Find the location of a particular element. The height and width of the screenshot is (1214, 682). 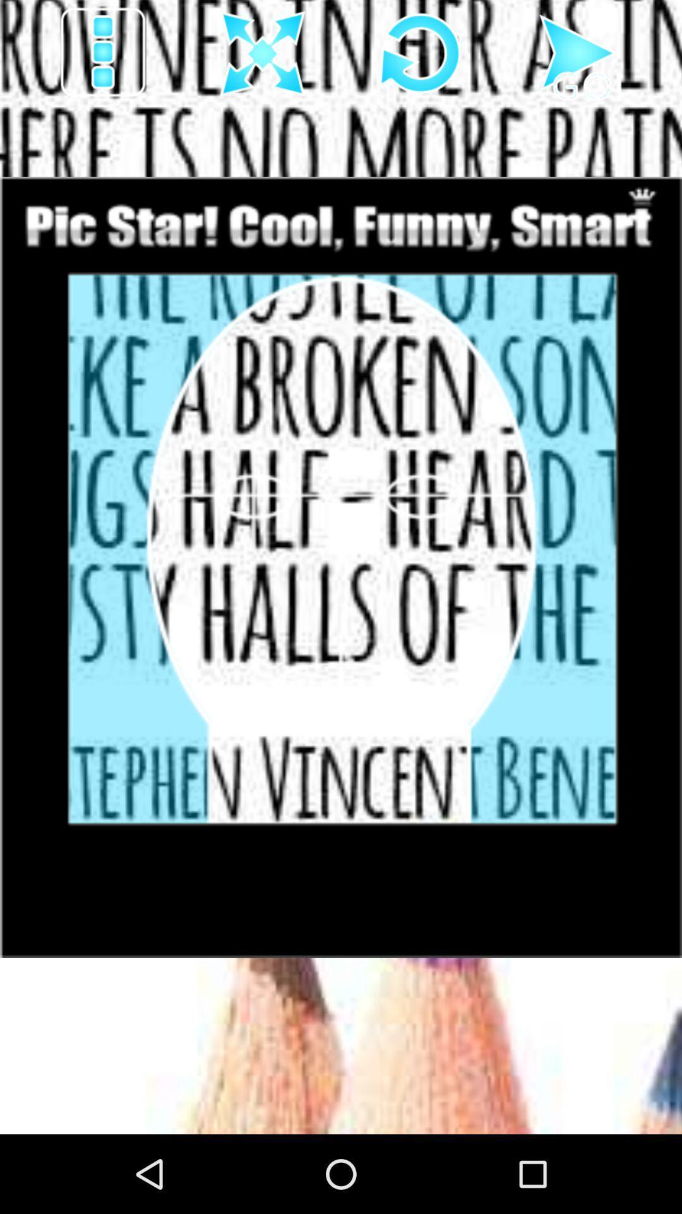

full screen is located at coordinates (262, 53).